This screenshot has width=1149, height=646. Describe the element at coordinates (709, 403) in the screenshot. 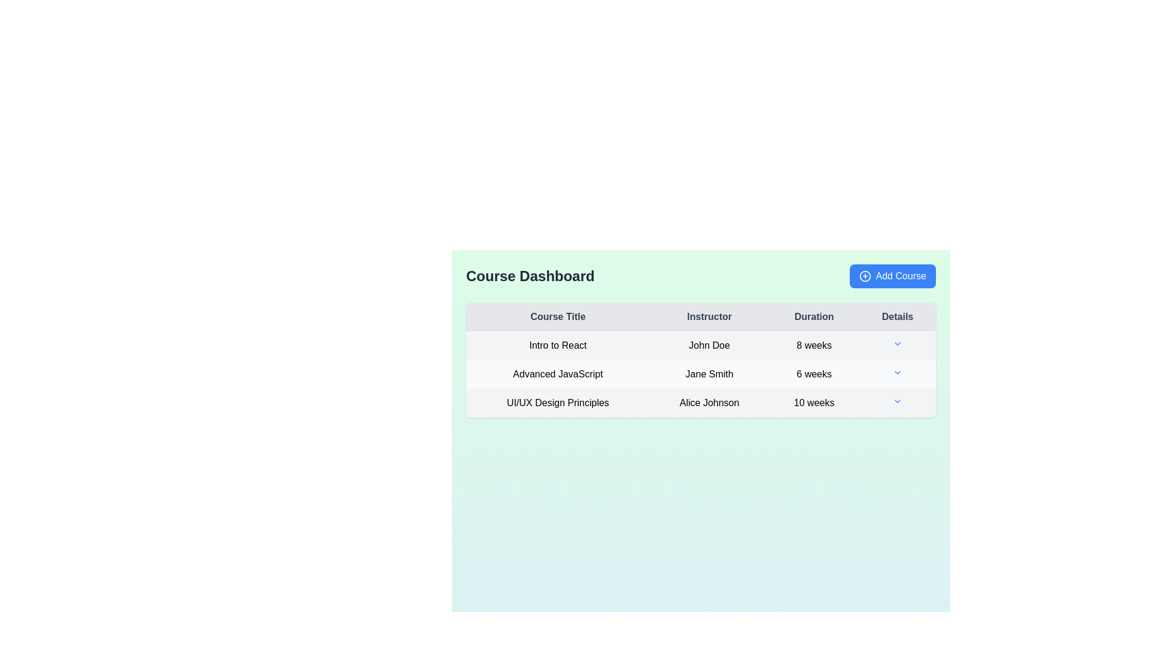

I see `the text label displaying the instructor's name for the course 'UI/UX Design Principles' in the third row of the table` at that location.